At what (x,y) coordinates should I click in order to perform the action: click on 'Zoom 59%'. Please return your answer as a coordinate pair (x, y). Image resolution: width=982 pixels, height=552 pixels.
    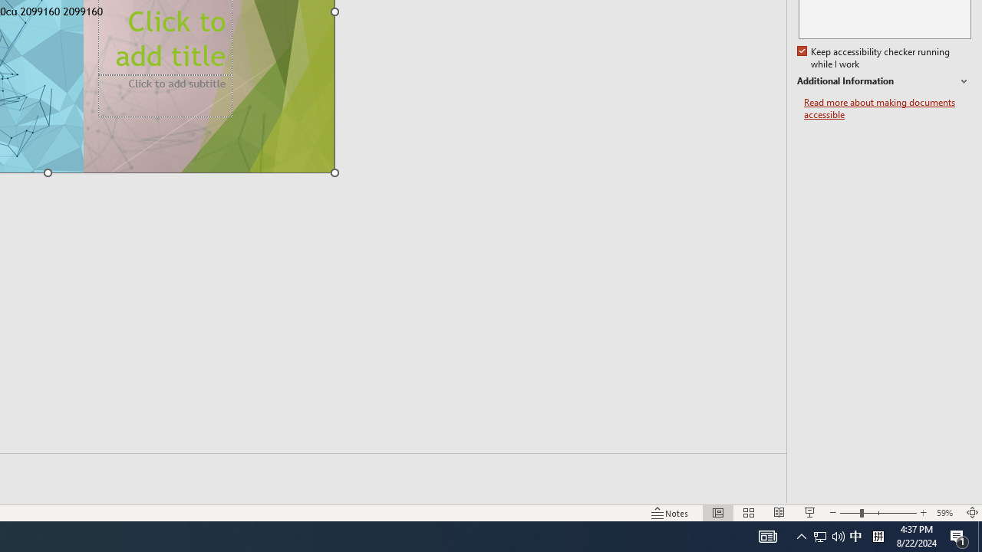
    Looking at the image, I should click on (946, 513).